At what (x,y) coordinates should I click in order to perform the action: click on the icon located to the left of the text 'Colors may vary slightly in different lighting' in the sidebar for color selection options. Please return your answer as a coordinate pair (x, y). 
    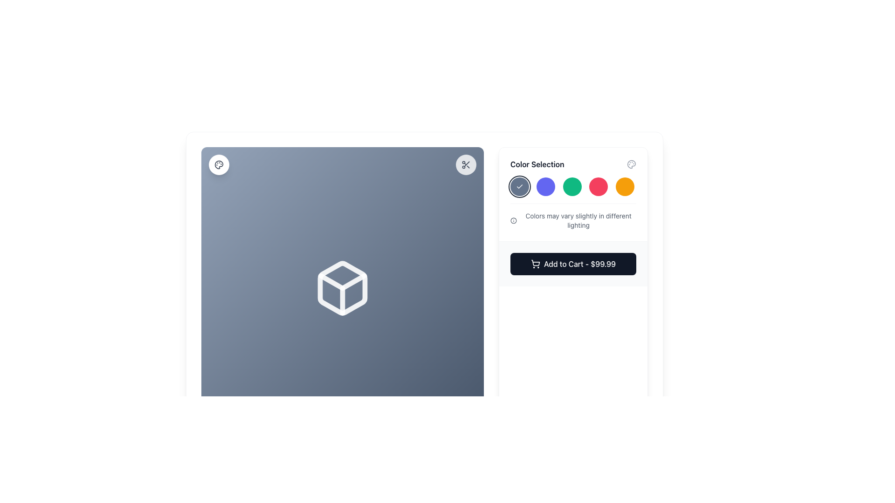
    Looking at the image, I should click on (513, 221).